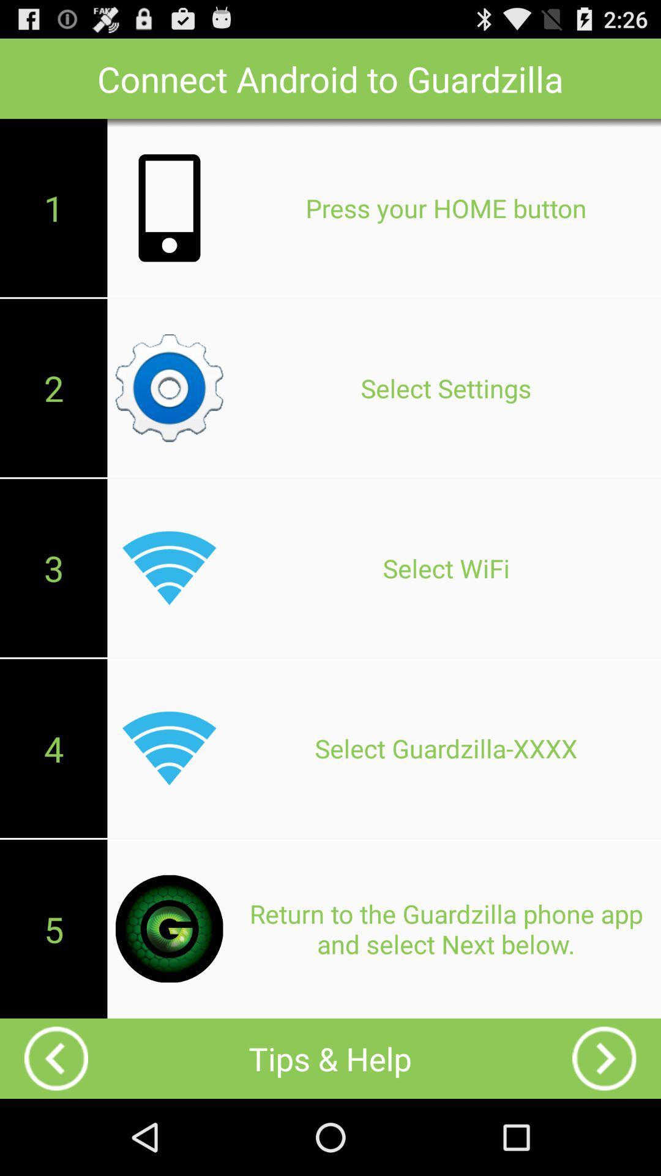 This screenshot has width=661, height=1176. Describe the element at coordinates (603, 1058) in the screenshot. I see `next page` at that location.